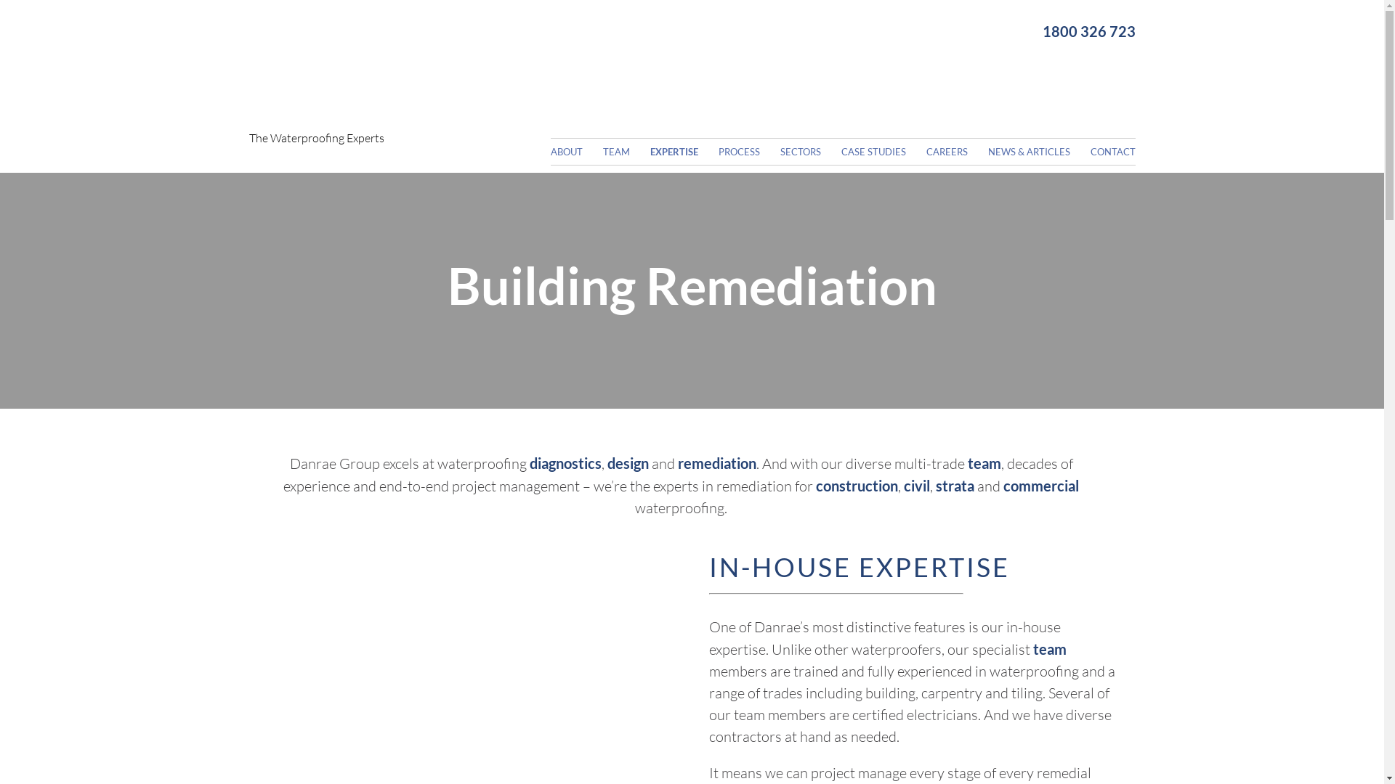  What do you see at coordinates (528, 462) in the screenshot?
I see `'diagnostics'` at bounding box center [528, 462].